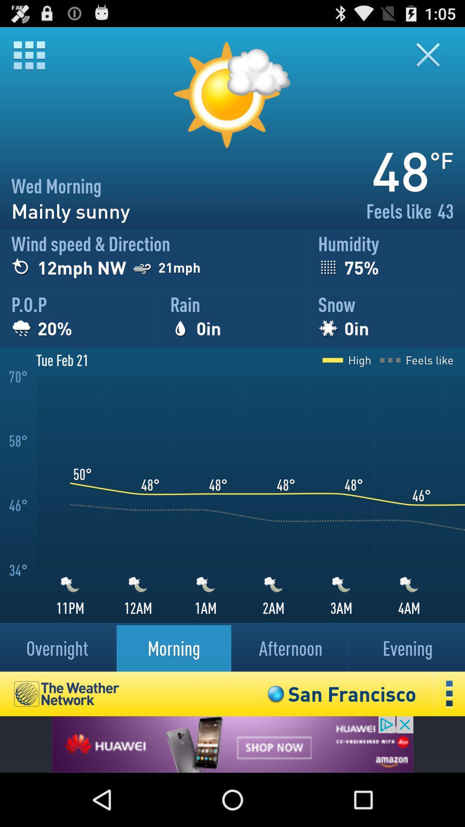 This screenshot has height=827, width=465. I want to click on button, so click(433, 54).